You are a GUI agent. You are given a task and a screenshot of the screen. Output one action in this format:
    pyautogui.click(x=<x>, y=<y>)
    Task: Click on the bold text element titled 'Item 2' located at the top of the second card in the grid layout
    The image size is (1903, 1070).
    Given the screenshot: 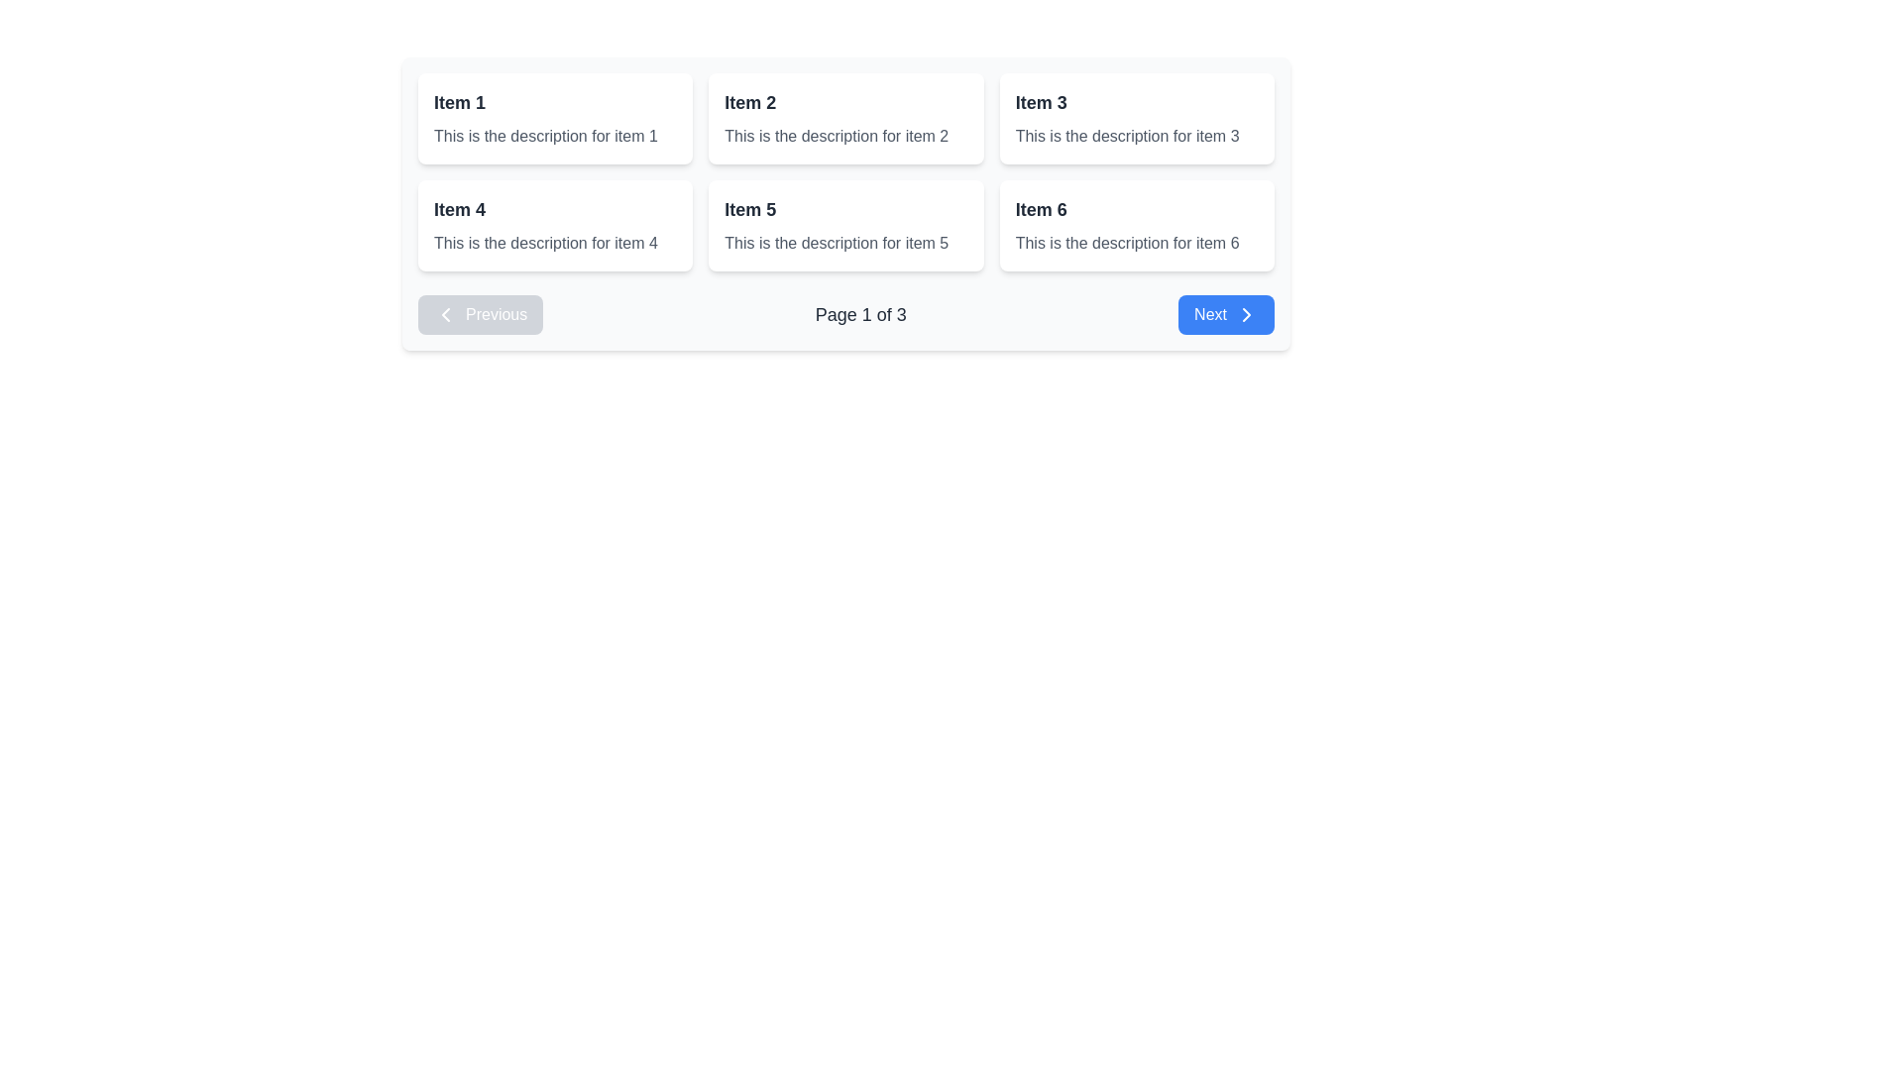 What is the action you would take?
    pyautogui.click(x=749, y=103)
    